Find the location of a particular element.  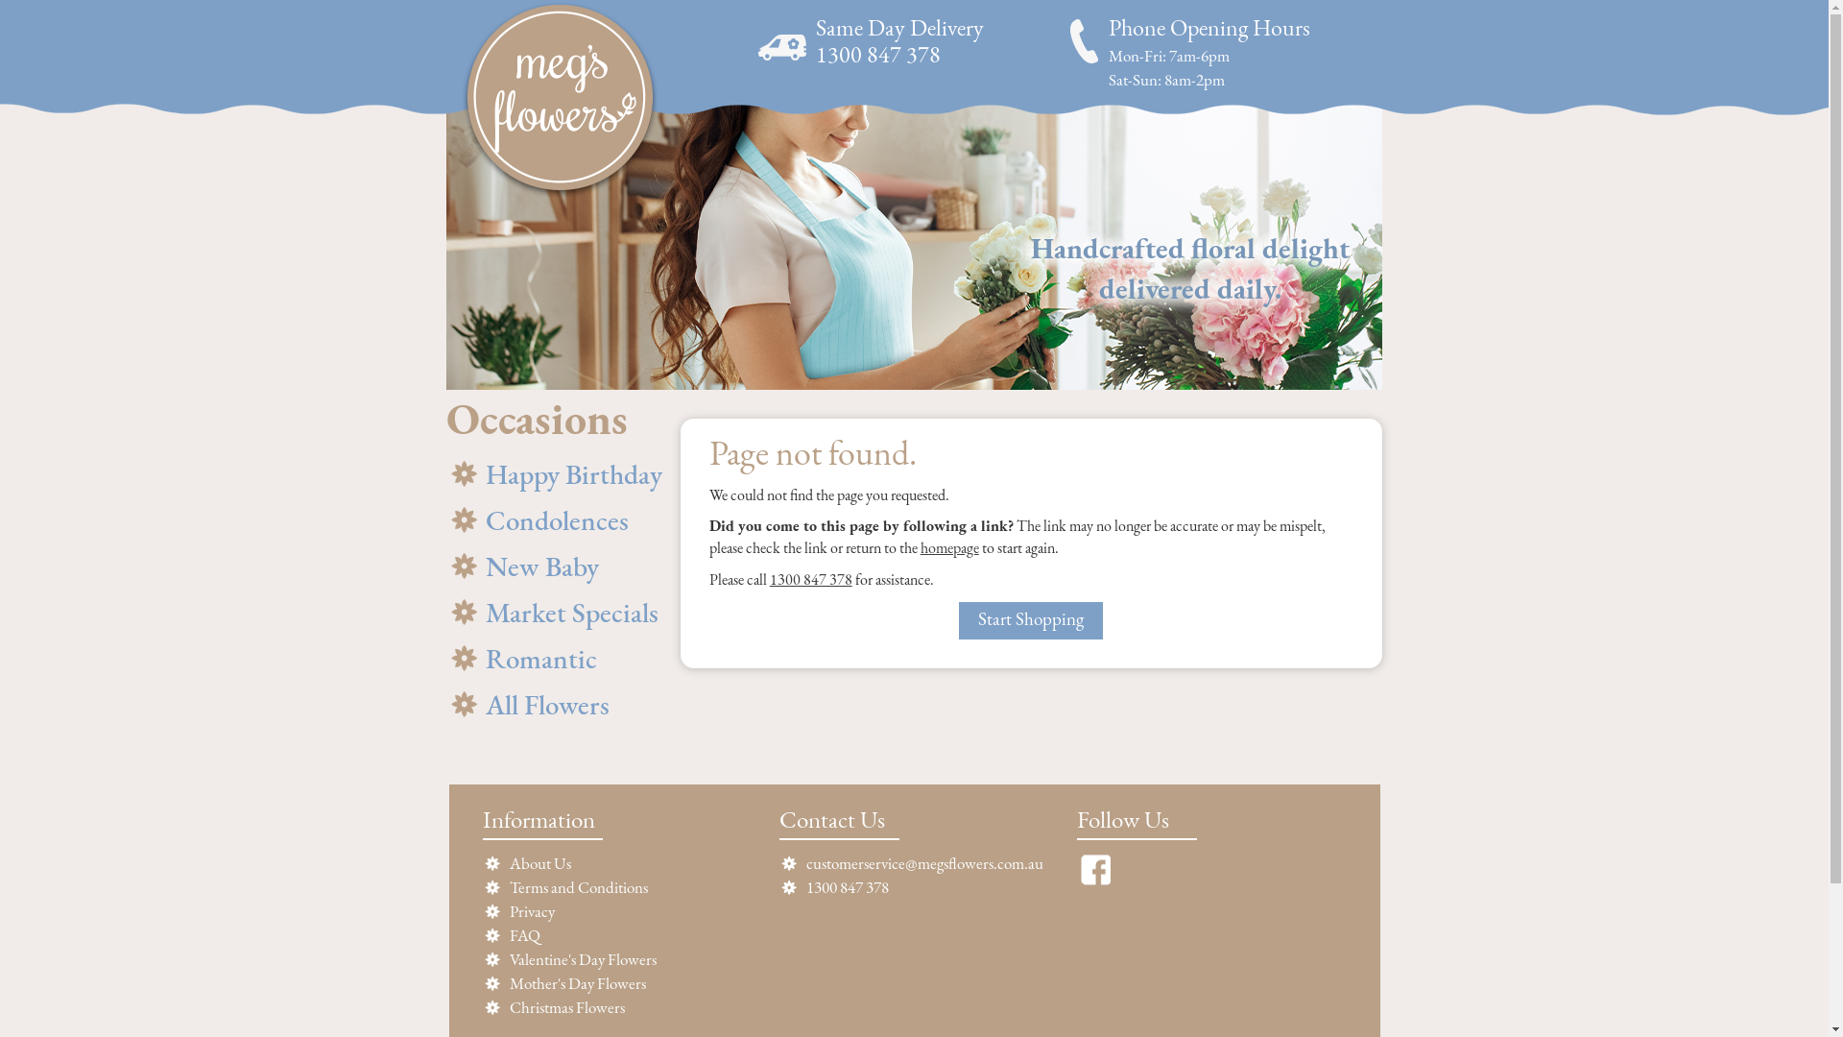

'Romantic' is located at coordinates (445, 658).